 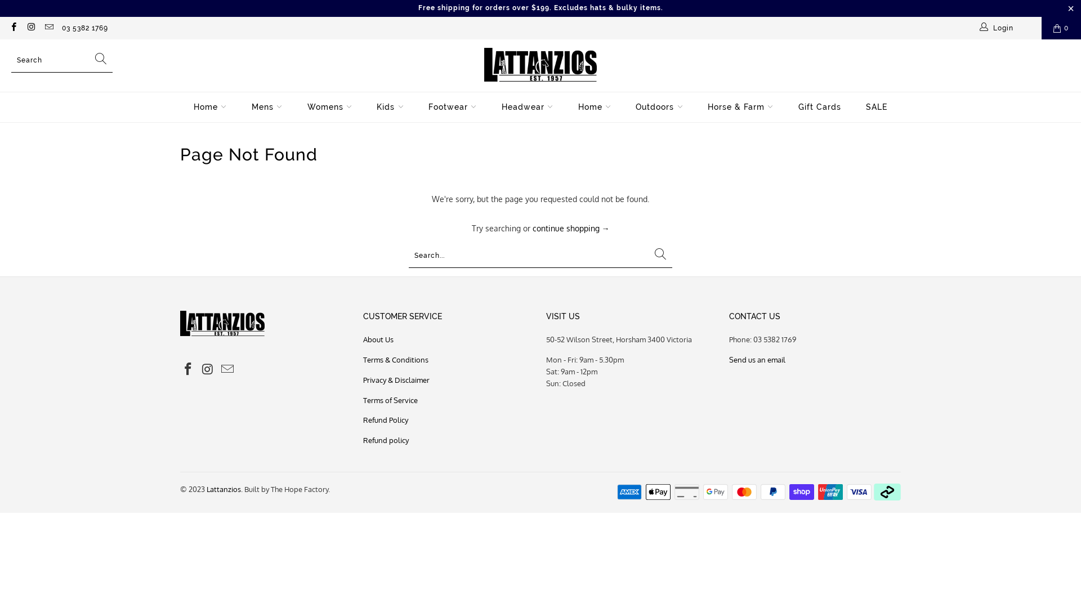 What do you see at coordinates (206, 488) in the screenshot?
I see `'Lattanzios'` at bounding box center [206, 488].